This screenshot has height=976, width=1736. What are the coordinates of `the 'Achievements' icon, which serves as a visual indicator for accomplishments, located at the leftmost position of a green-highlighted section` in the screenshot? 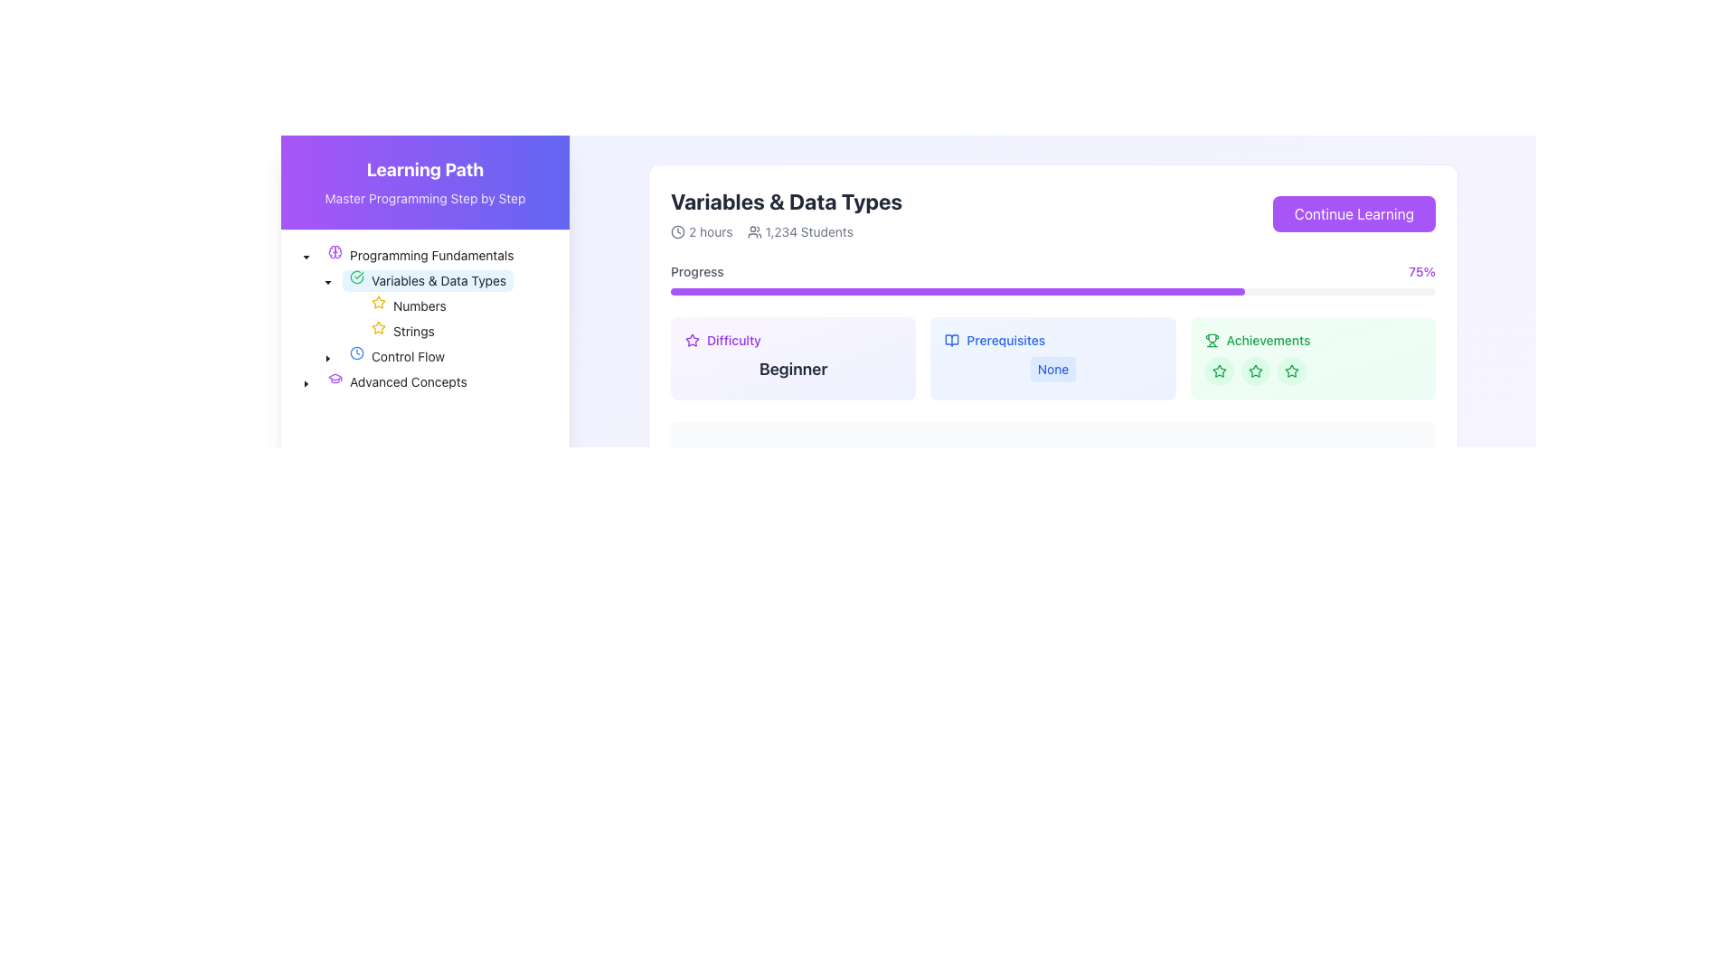 It's located at (1212, 341).